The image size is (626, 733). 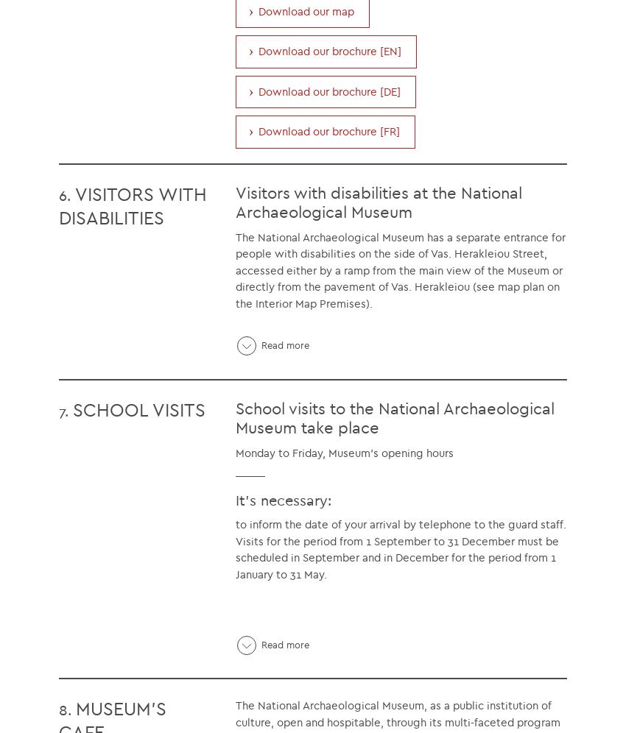 What do you see at coordinates (236, 417) in the screenshot?
I see `'School visits to the National Archaeological Museum take place'` at bounding box center [236, 417].